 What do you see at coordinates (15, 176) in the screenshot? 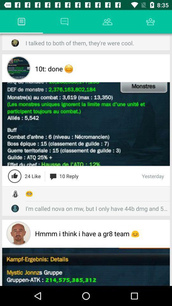
I see `like the page` at bounding box center [15, 176].